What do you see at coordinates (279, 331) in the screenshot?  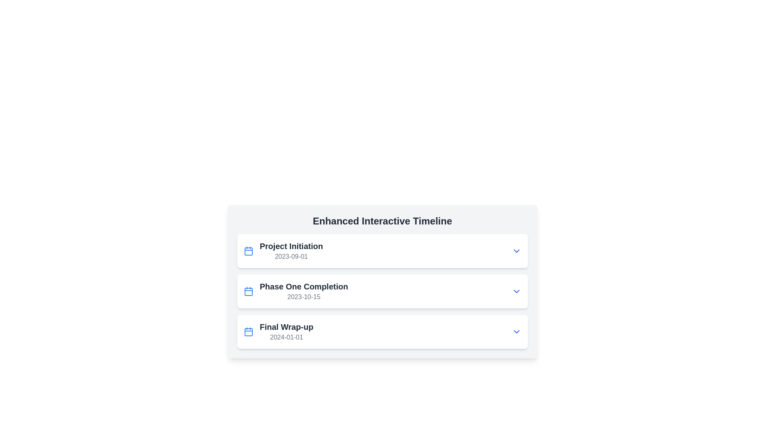 I see `the 'Final Wrap-up' timeline item, which is the last item in the Enhanced Interactive Timeline, featuring a blue calendar icon and the date '2024-01-01'` at bounding box center [279, 331].